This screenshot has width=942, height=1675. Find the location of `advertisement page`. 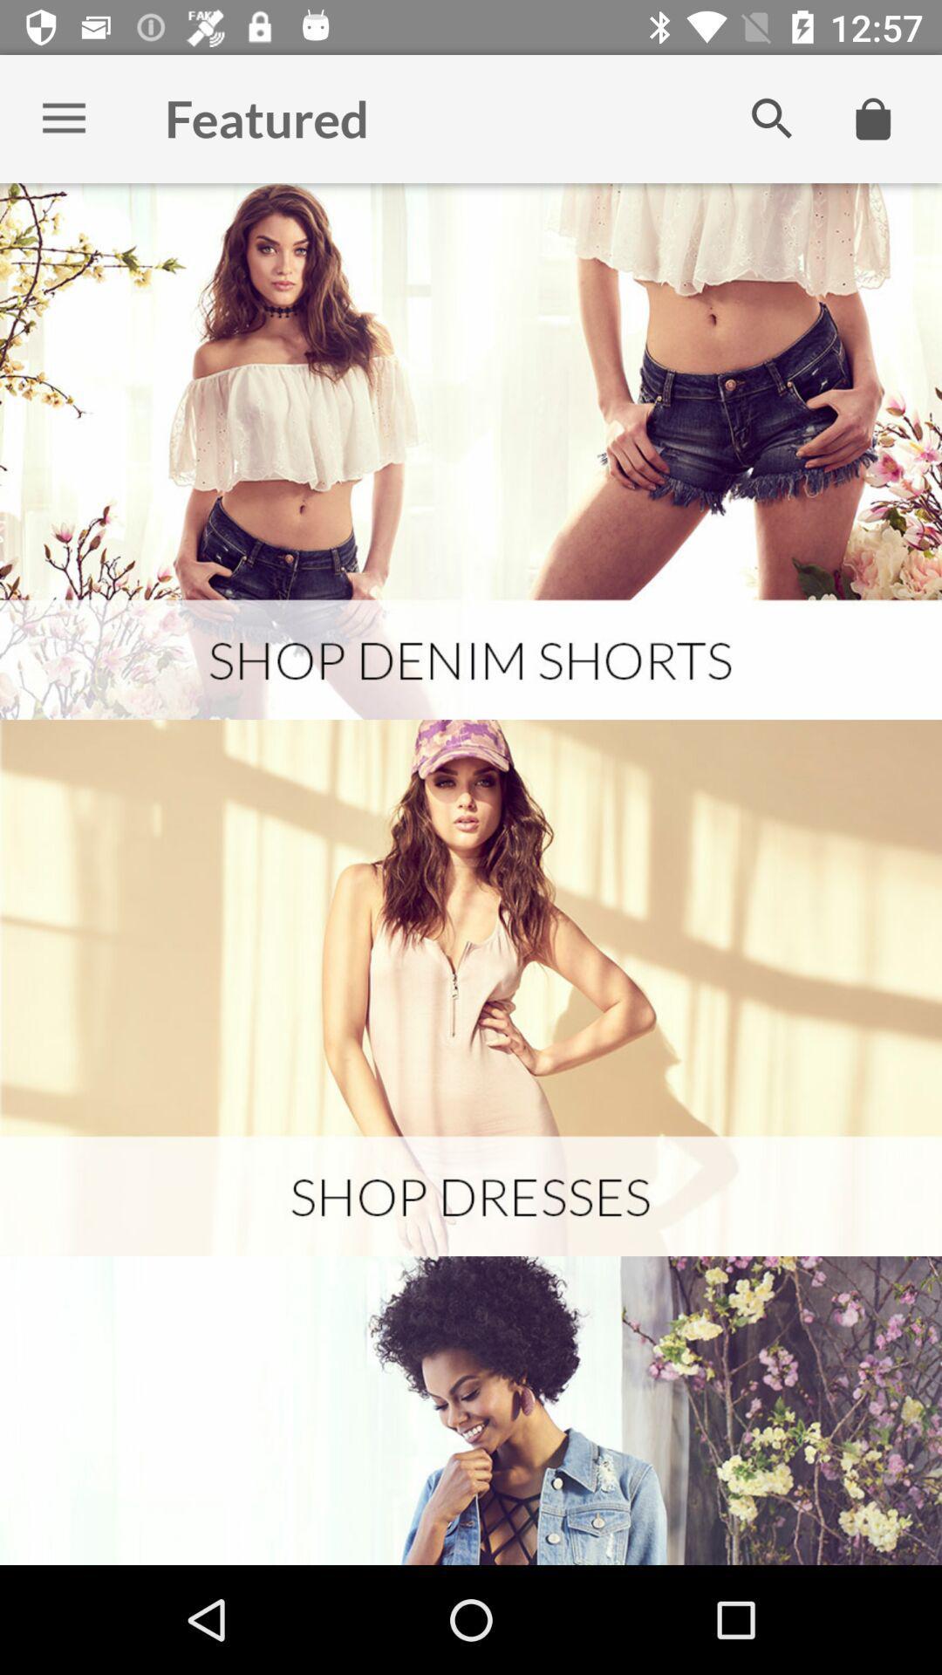

advertisement page is located at coordinates (471, 988).